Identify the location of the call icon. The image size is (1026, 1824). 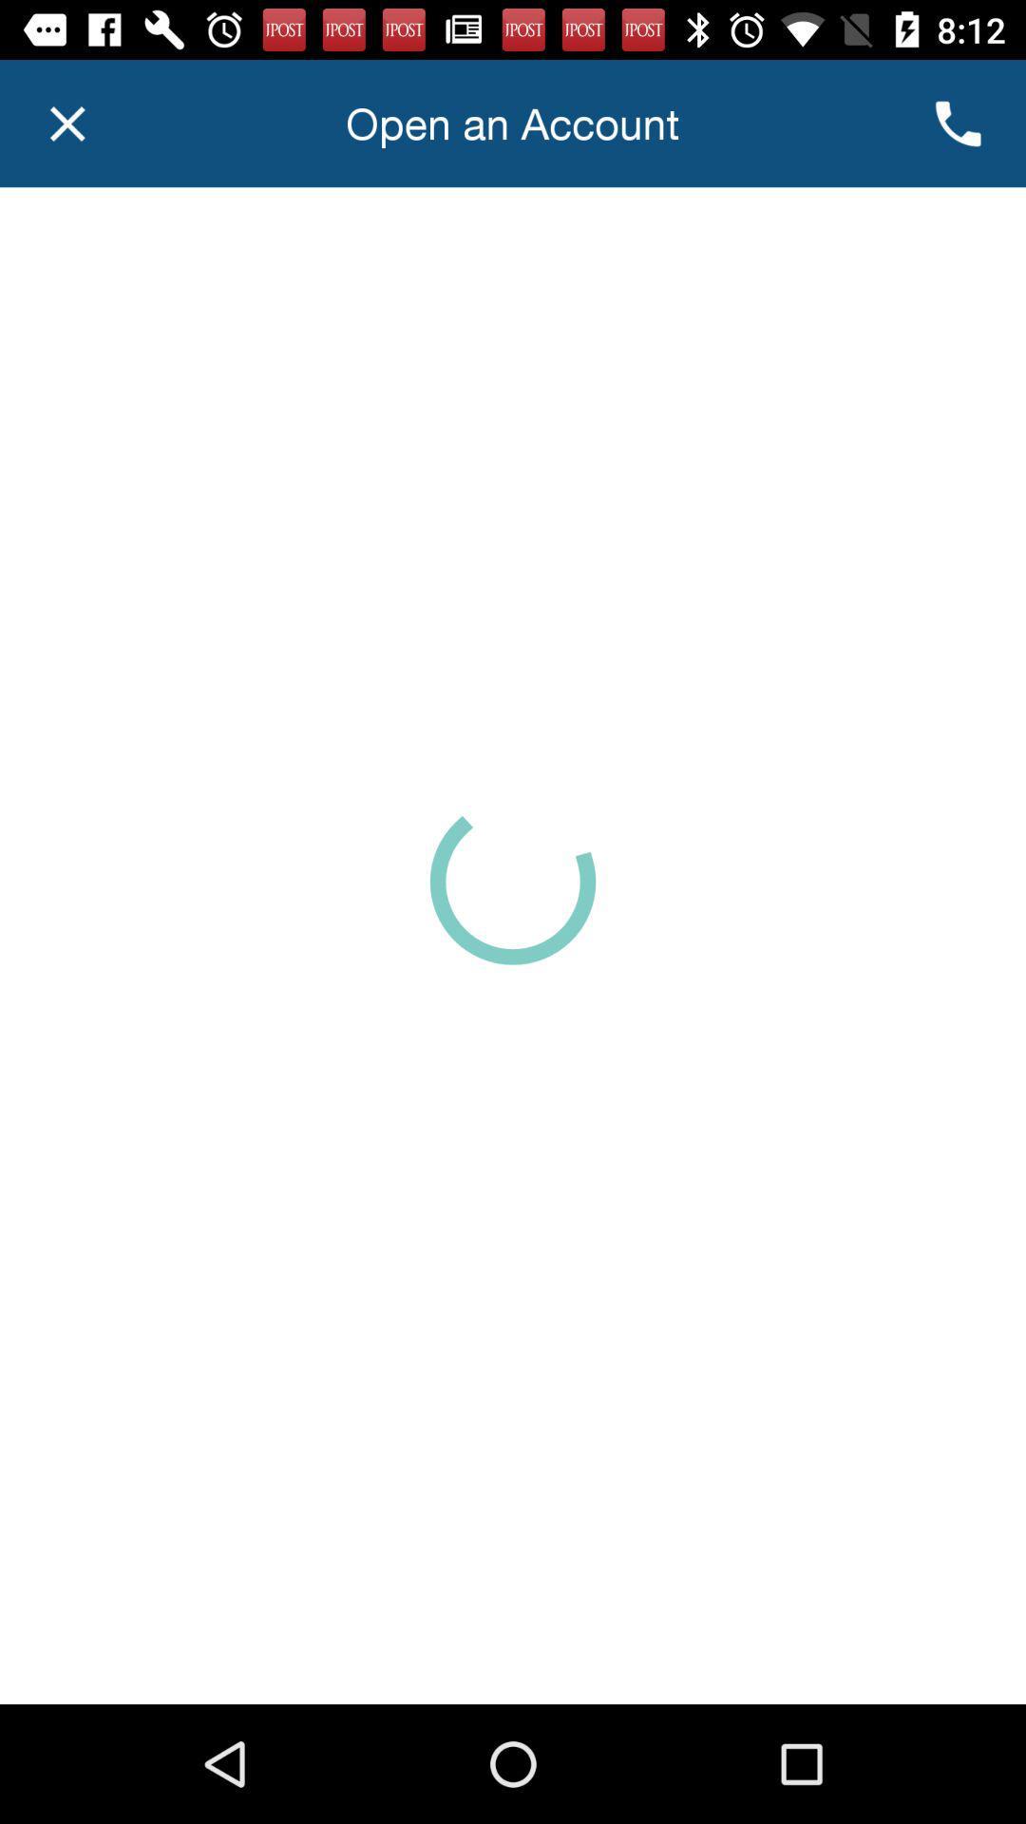
(958, 123).